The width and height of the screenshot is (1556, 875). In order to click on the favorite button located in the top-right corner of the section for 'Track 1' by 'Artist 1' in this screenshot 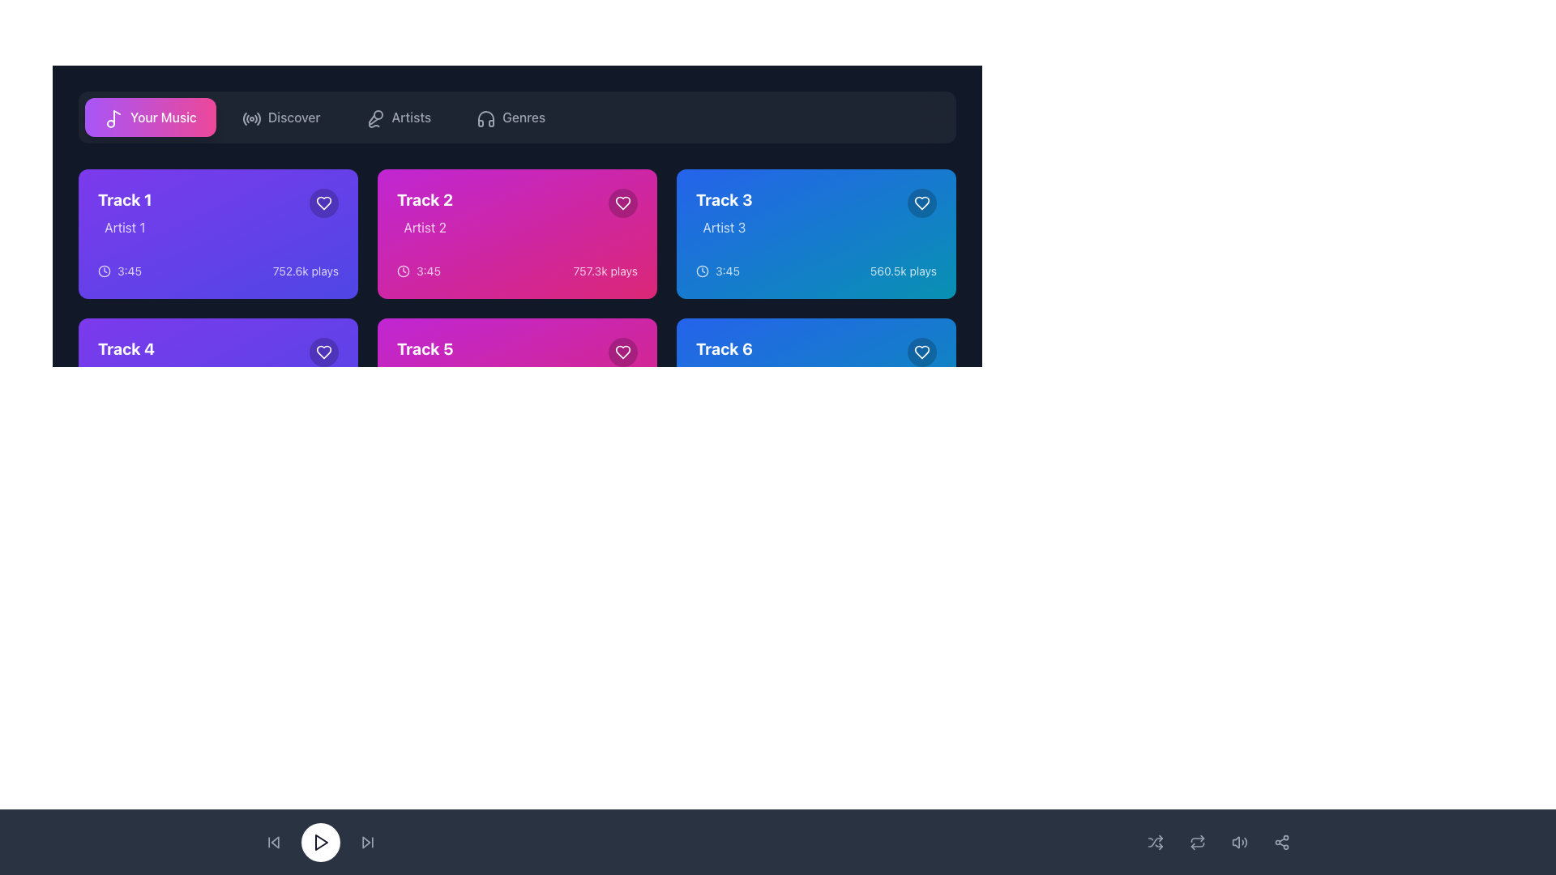, I will do `click(323, 202)`.